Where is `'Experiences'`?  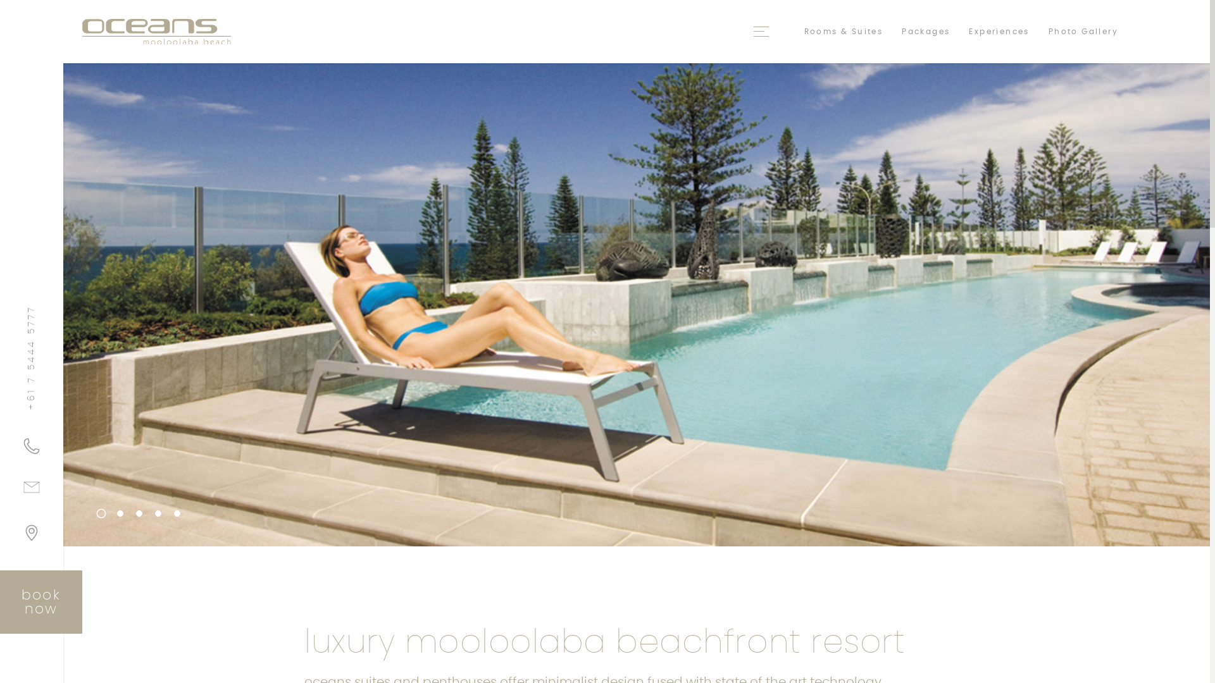 'Experiences' is located at coordinates (998, 31).